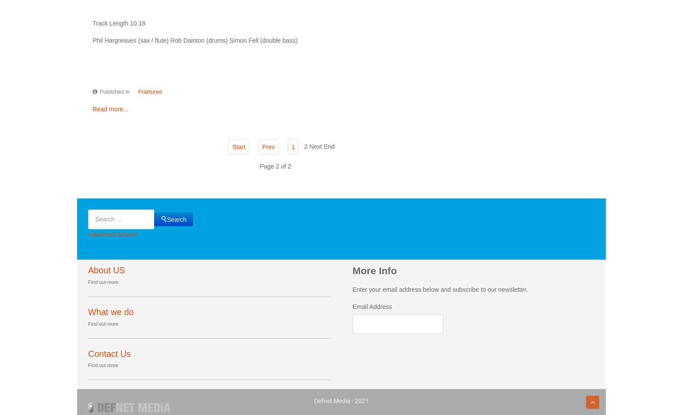  I want to click on 'Phil Hargreaves (sax / flute) Rob Dainton (drums) Simon Fell (double bass)', so click(92, 39).